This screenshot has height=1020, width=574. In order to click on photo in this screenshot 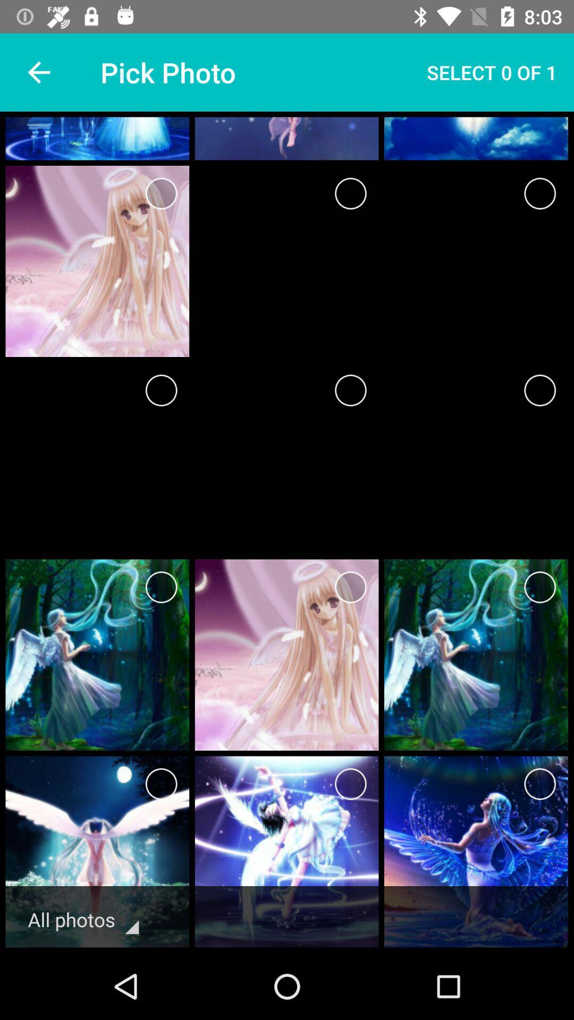, I will do `click(161, 389)`.